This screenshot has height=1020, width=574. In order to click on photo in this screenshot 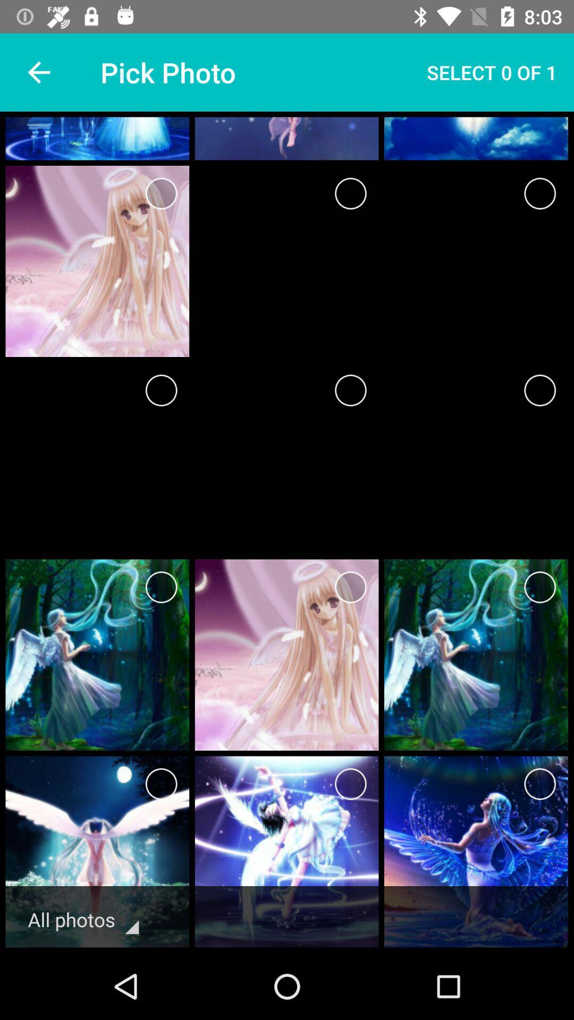, I will do `click(161, 389)`.